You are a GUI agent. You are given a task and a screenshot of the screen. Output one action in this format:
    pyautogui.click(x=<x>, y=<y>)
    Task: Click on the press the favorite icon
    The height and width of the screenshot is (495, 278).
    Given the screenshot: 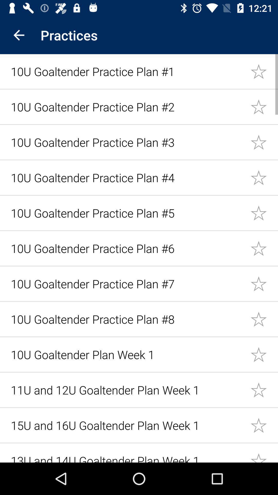 What is the action you would take?
    pyautogui.click(x=264, y=106)
    